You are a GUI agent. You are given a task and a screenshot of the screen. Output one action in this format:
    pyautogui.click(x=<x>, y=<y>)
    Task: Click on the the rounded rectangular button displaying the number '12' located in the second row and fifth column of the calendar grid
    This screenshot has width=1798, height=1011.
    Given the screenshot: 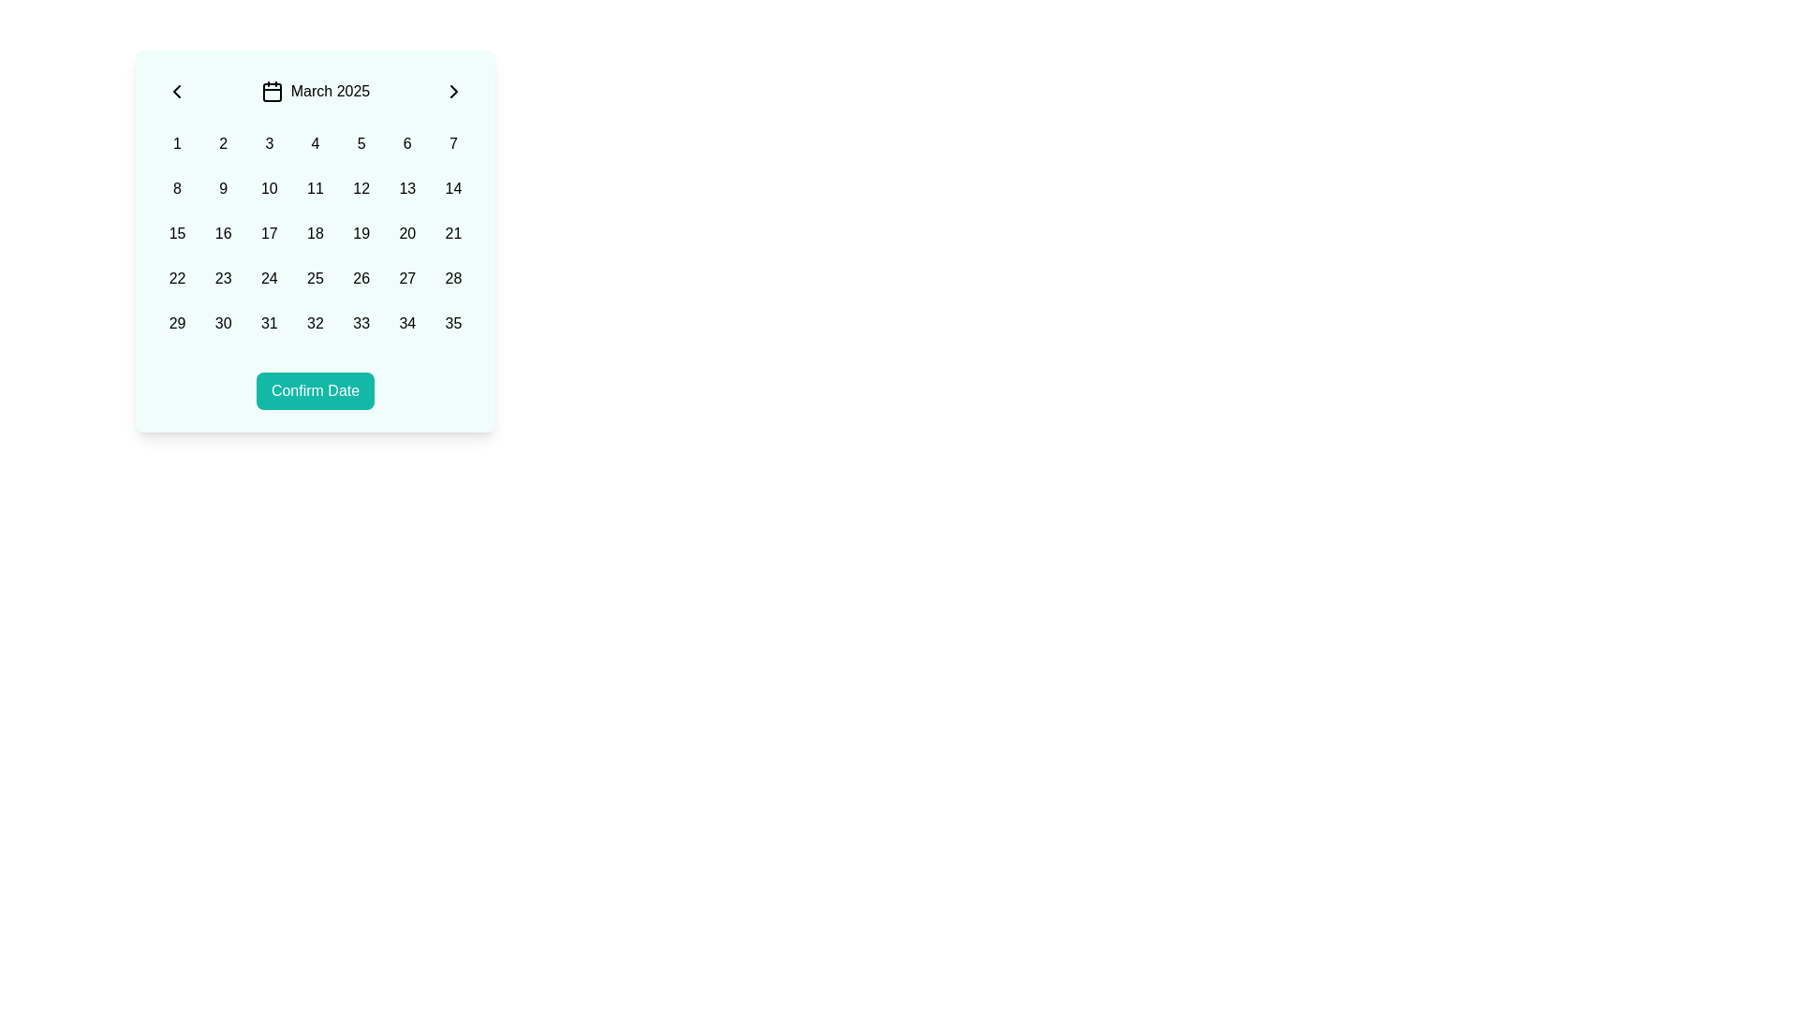 What is the action you would take?
    pyautogui.click(x=361, y=188)
    